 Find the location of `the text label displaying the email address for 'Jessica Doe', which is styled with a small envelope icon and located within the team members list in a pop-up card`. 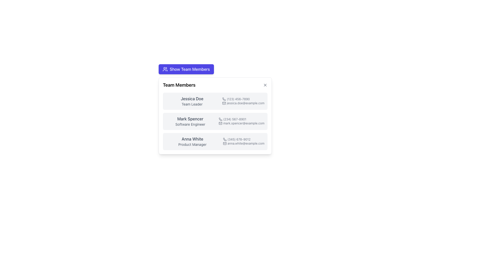

the text label displaying the email address for 'Jessica Doe', which is styled with a small envelope icon and located within the team members list in a pop-up card is located at coordinates (243, 103).